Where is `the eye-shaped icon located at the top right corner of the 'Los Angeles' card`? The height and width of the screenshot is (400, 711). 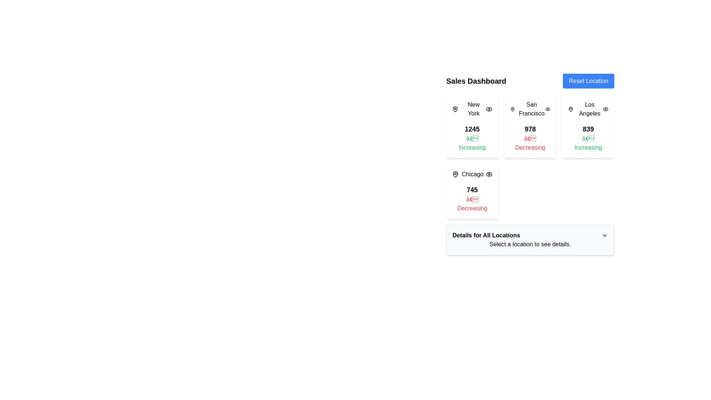
the eye-shaped icon located at the top right corner of the 'Los Angeles' card is located at coordinates (605, 109).